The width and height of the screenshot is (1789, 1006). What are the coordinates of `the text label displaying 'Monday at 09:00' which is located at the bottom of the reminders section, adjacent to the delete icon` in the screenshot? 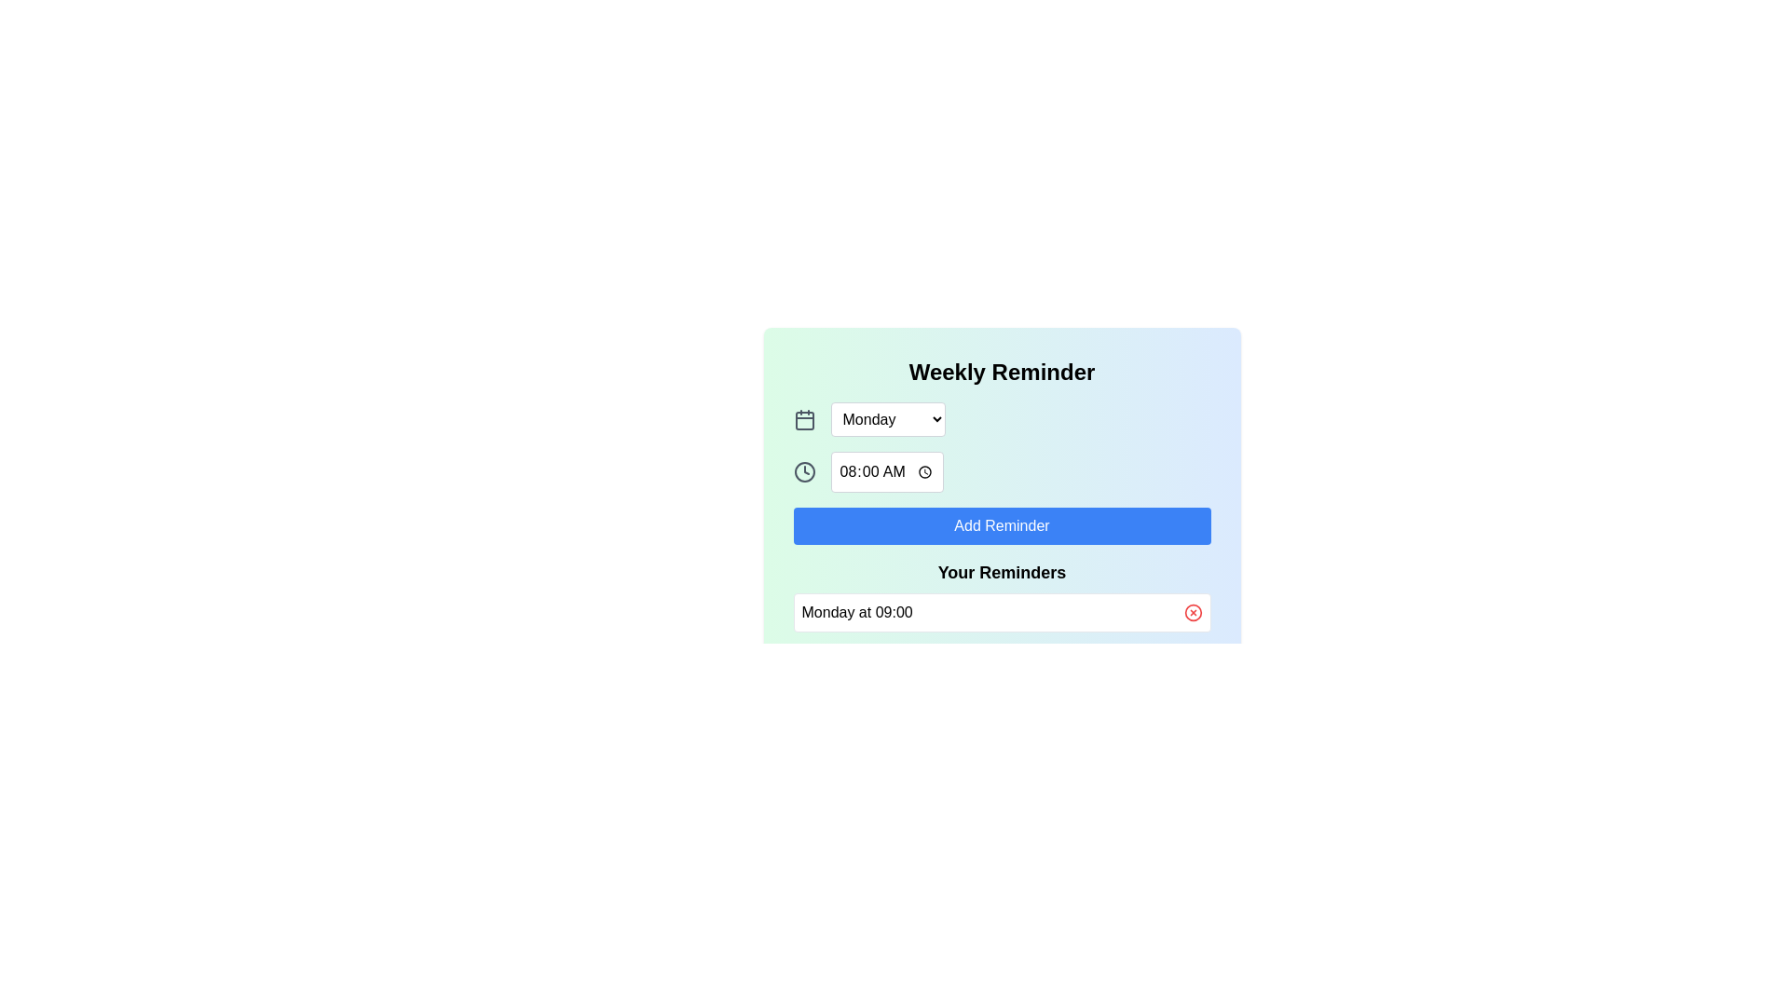 It's located at (856, 613).